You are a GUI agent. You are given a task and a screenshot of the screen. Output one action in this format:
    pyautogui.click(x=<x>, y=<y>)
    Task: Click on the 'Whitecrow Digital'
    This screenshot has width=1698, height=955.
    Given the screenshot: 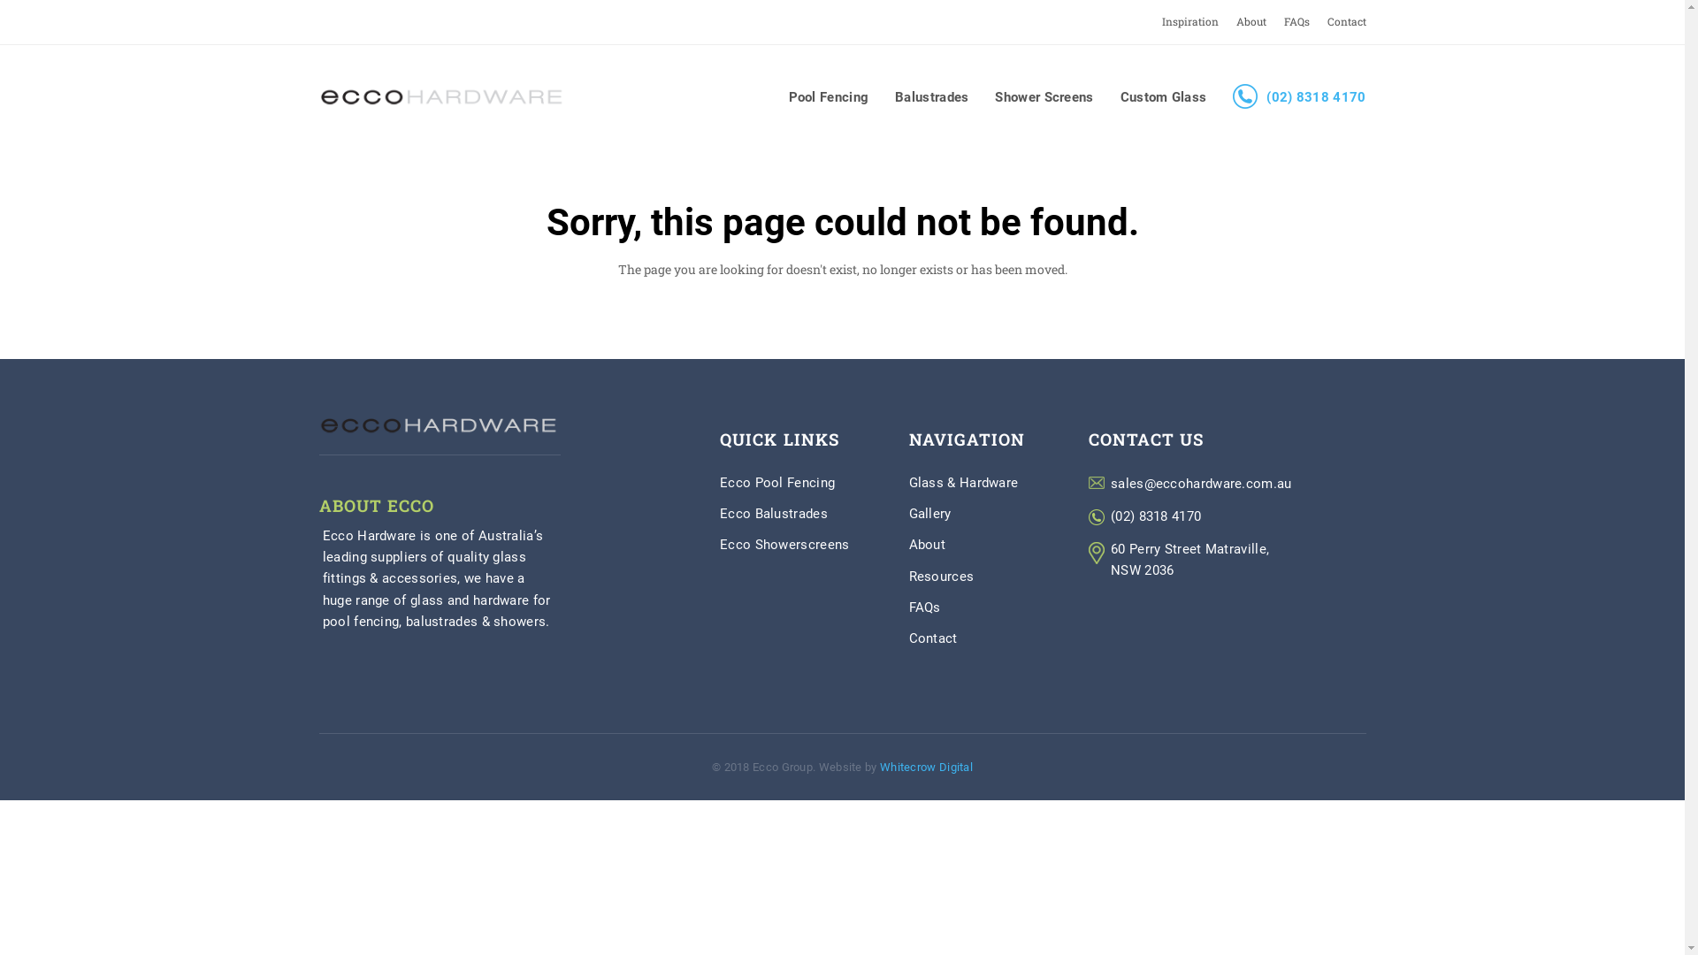 What is the action you would take?
    pyautogui.click(x=925, y=766)
    